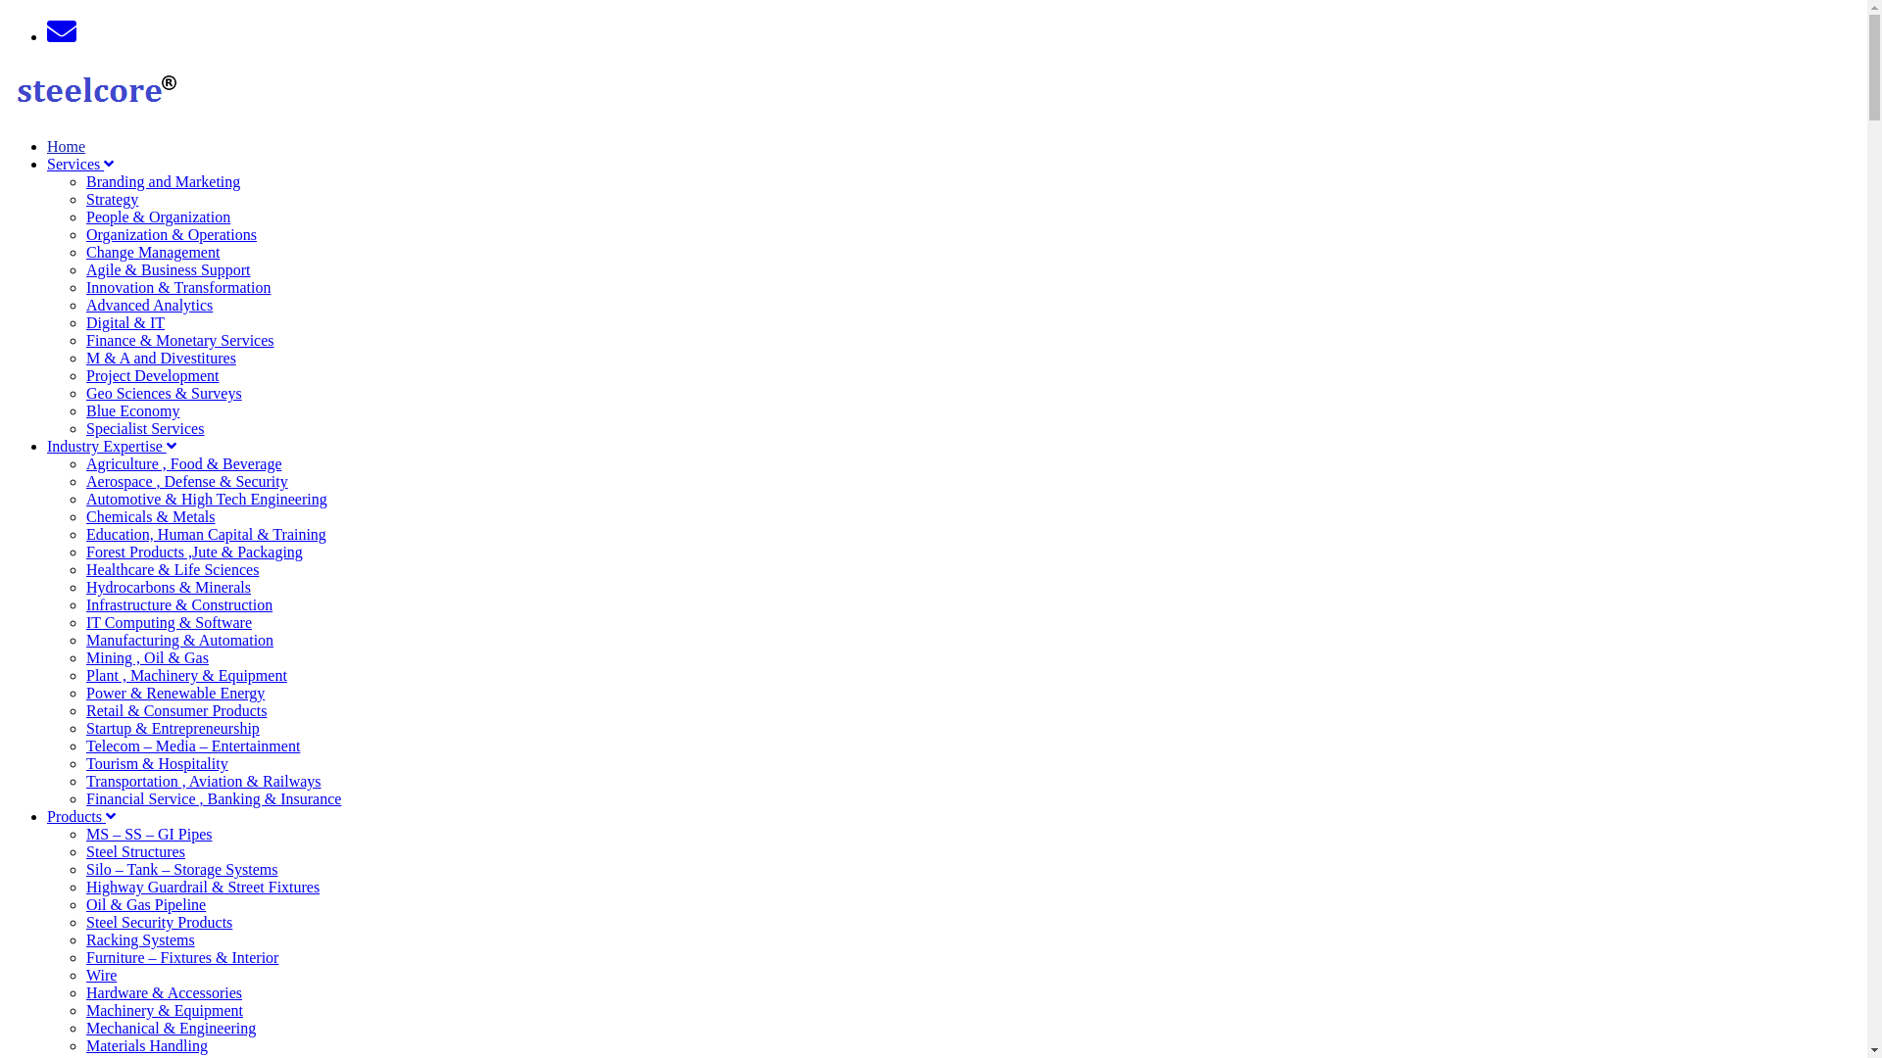 This screenshot has height=1058, width=1882. Describe the element at coordinates (161, 358) in the screenshot. I see `'M & A and Divestitures'` at that location.